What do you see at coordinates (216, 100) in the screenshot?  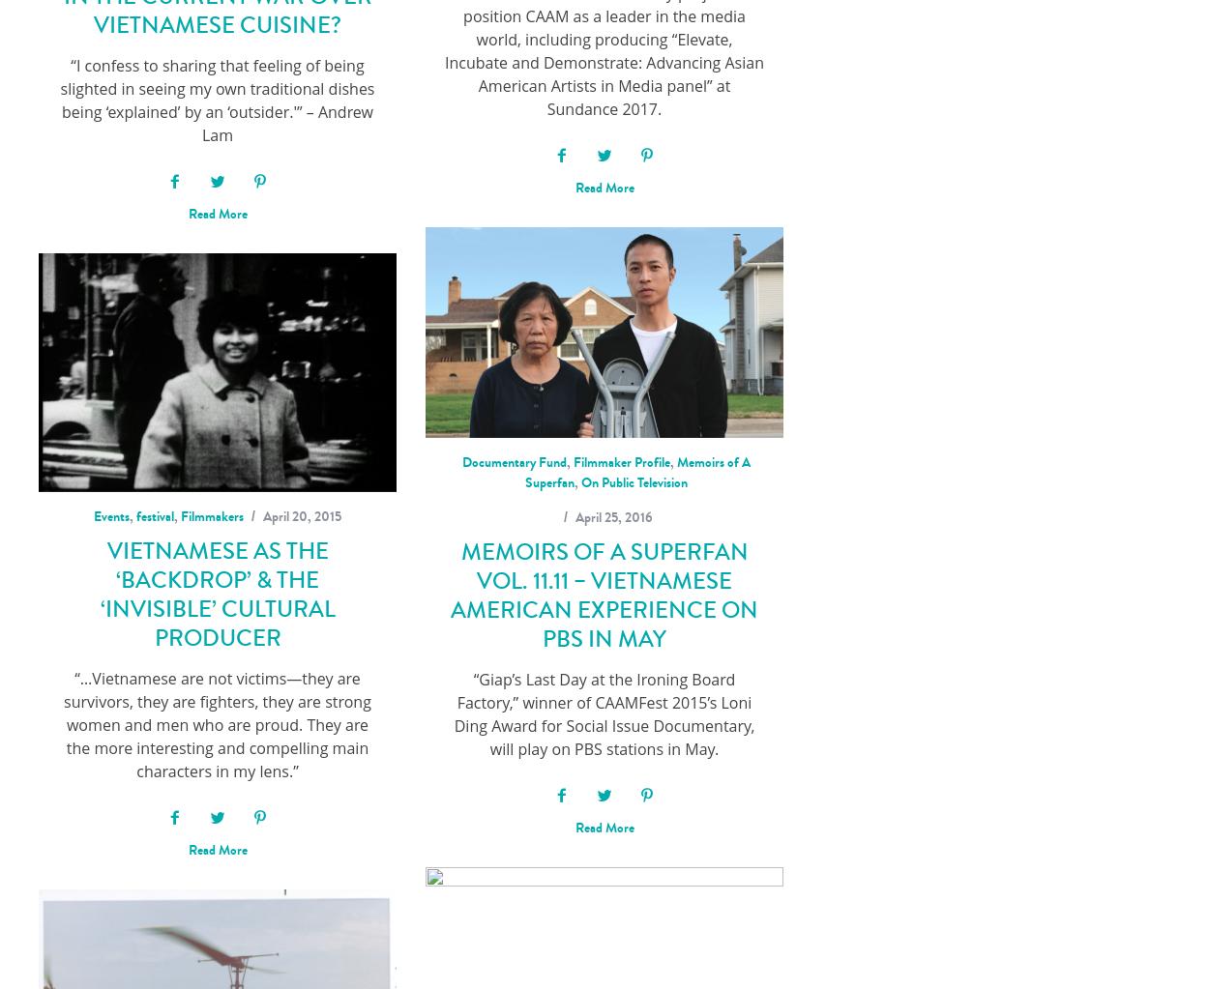 I see `'“I confess to sharing that feeling of being slighted in seeing my own traditional dishes being ‘explained’ by an ‘outsider.'” – Andrew Lam'` at bounding box center [216, 100].